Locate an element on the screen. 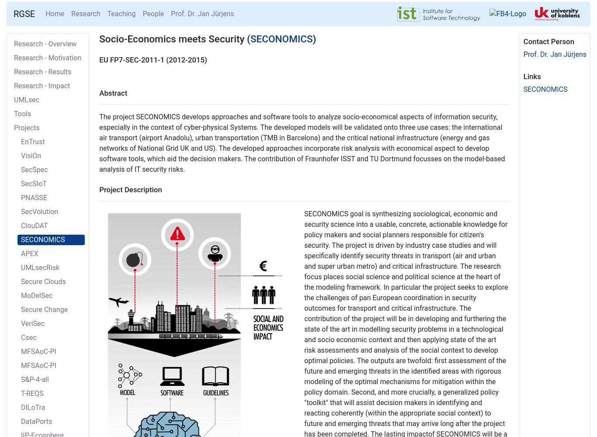 This screenshot has height=437, width=597. 'Research - Impact' is located at coordinates (42, 85).